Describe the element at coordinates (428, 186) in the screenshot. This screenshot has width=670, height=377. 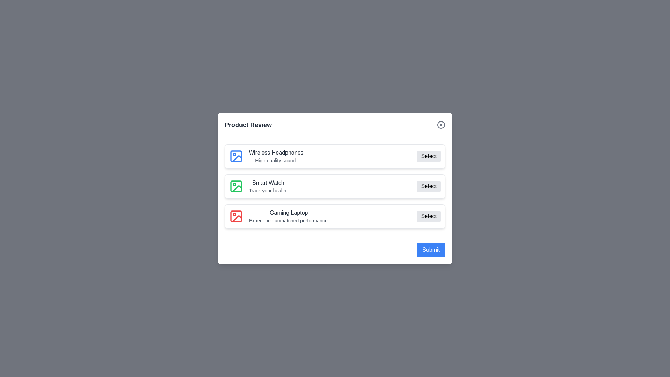
I see `'Select' button for the product identified by Smart Watch` at that location.